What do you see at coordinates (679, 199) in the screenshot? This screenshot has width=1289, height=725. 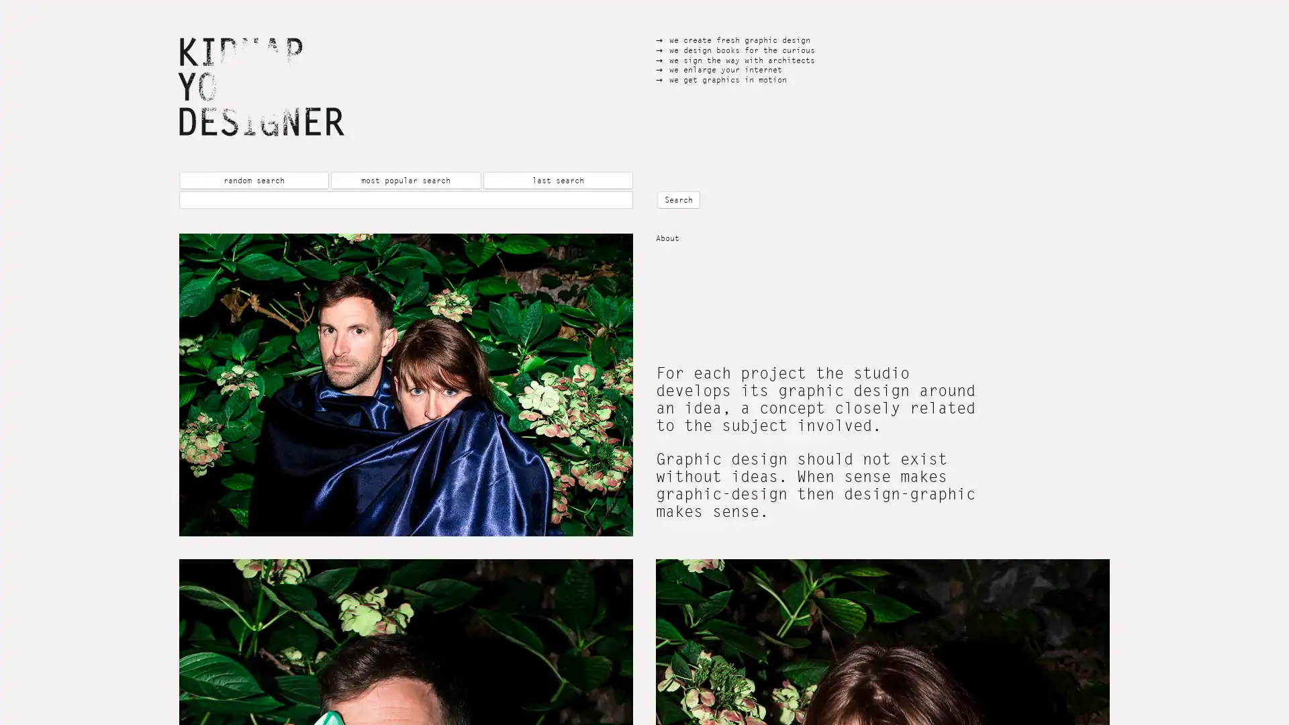 I see `Search` at bounding box center [679, 199].